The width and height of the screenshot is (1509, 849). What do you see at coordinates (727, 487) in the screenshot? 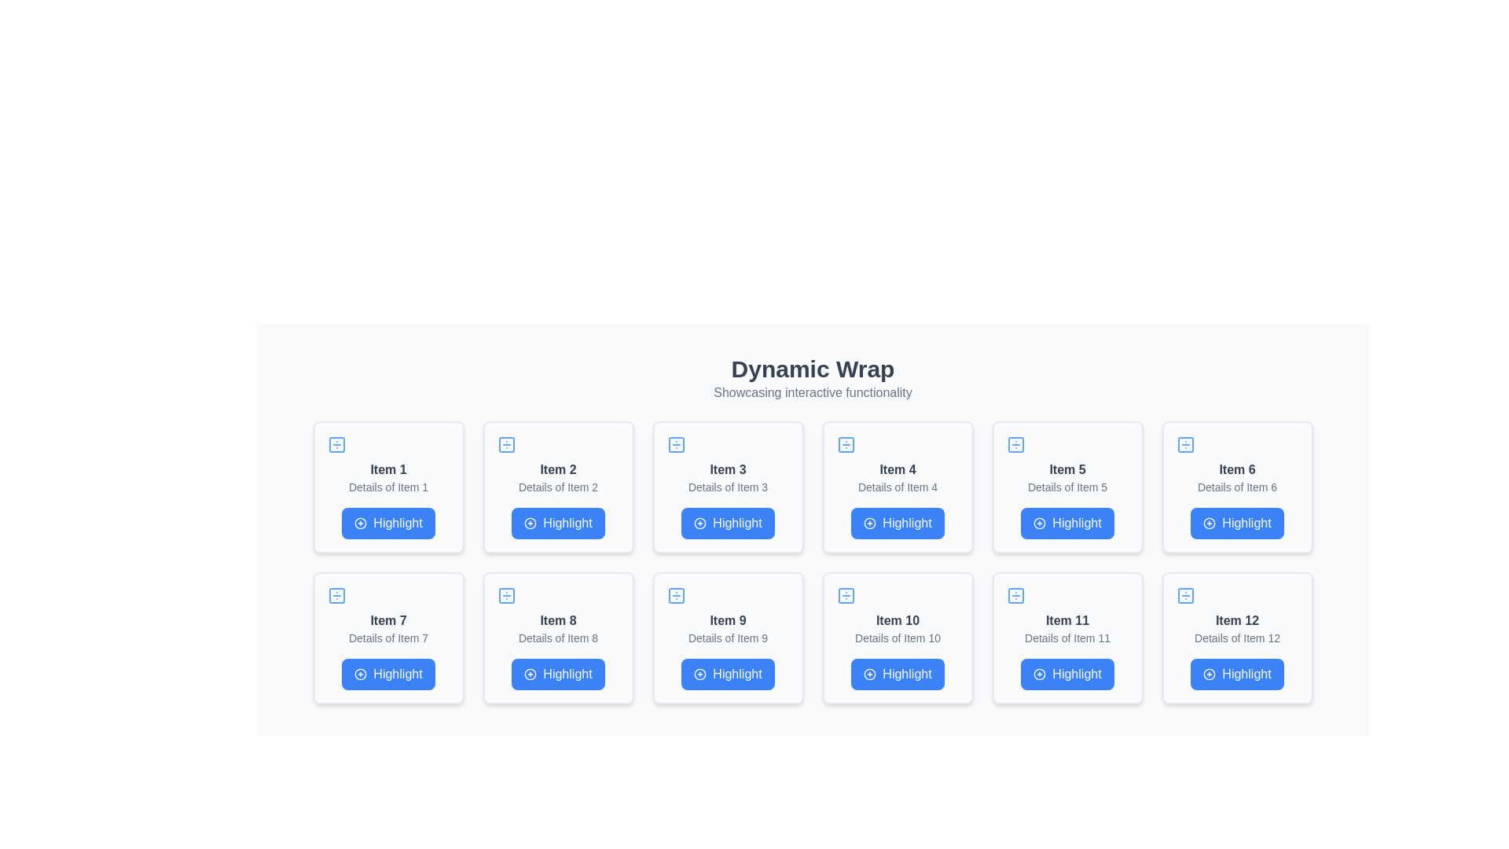
I see `the card displaying detailed information and a button, located in the first row, third column of a 3x4 grid layout` at bounding box center [727, 487].